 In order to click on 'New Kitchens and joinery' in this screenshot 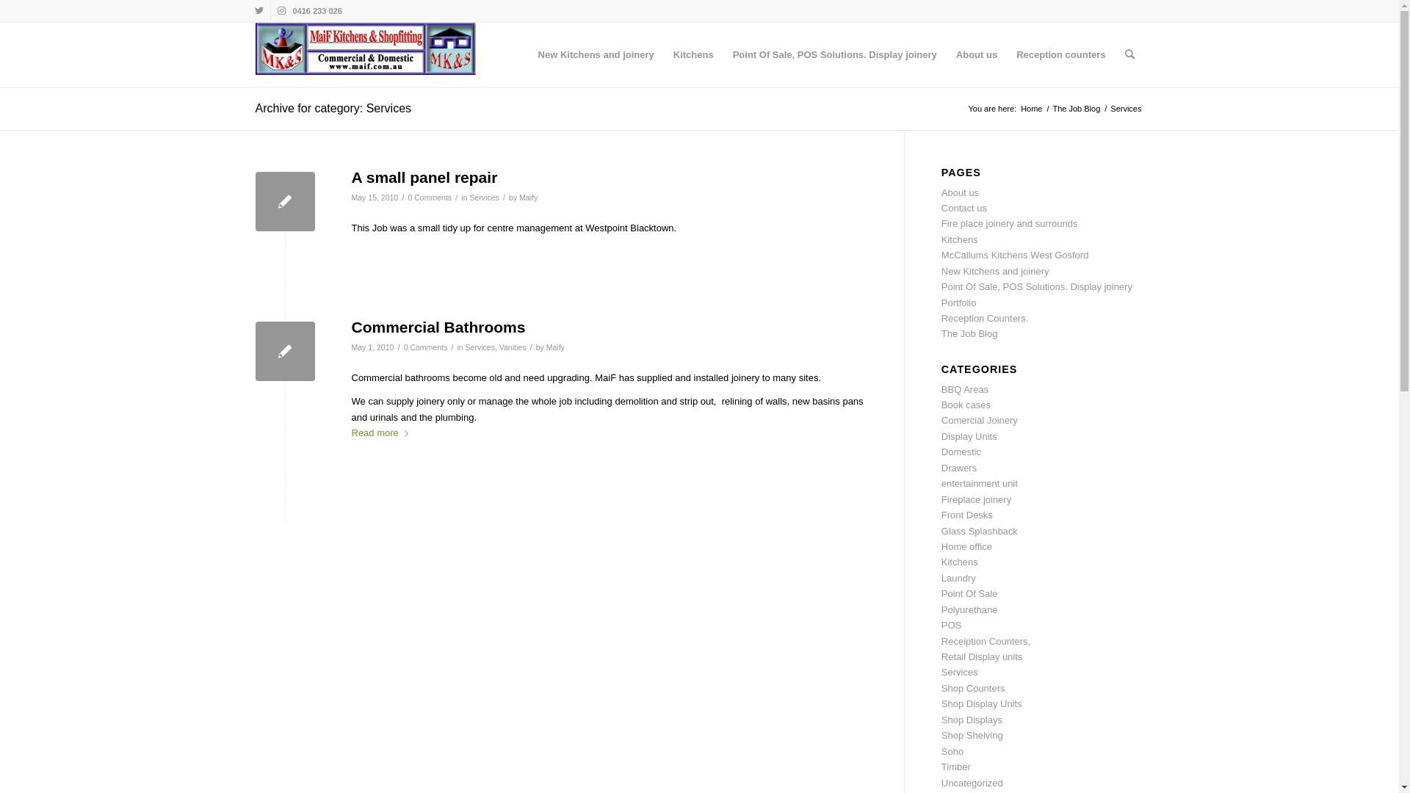, I will do `click(596, 54)`.